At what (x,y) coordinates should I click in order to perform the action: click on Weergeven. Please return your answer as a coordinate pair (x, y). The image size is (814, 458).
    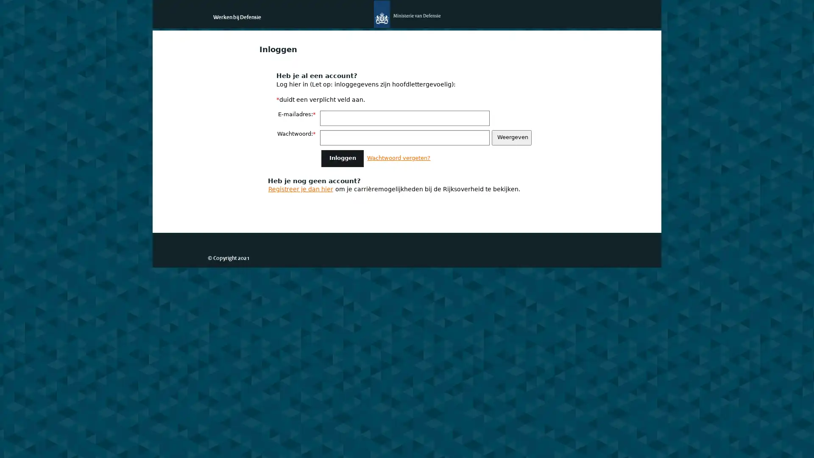
    Looking at the image, I should click on (510, 137).